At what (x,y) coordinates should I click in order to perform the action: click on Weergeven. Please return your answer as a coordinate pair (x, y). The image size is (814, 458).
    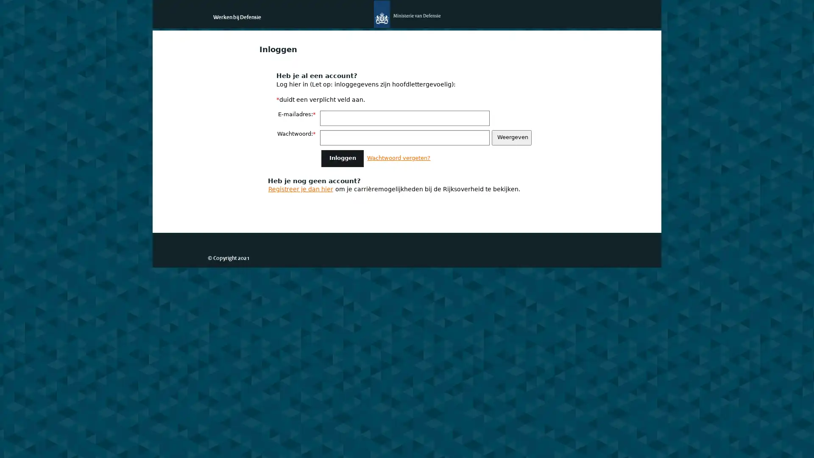
    Looking at the image, I should click on (510, 137).